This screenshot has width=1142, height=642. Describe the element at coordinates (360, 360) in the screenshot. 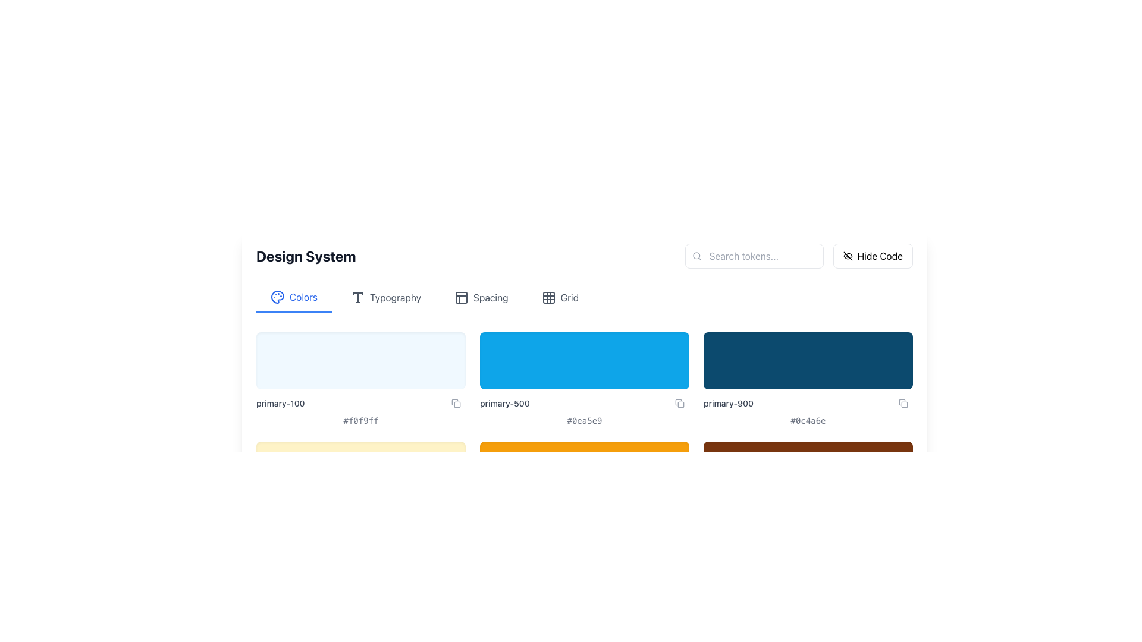

I see `the visual color swatch component representing the Primary-100 color` at that location.